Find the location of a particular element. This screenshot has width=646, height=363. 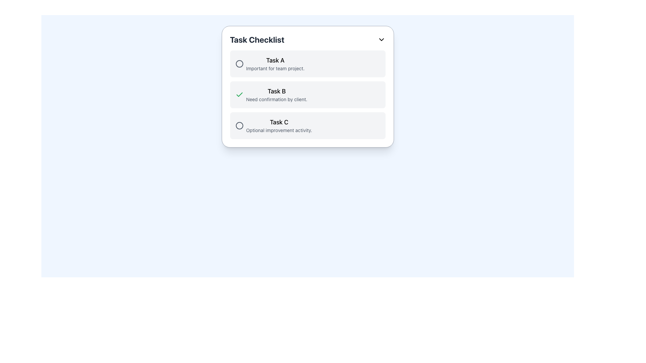

the SVG Circle or Icon that serves as a decorative and informative marker for 'Task C', located at the far left of the task entry and vertically centered with respect to the task description is located at coordinates (239, 126).